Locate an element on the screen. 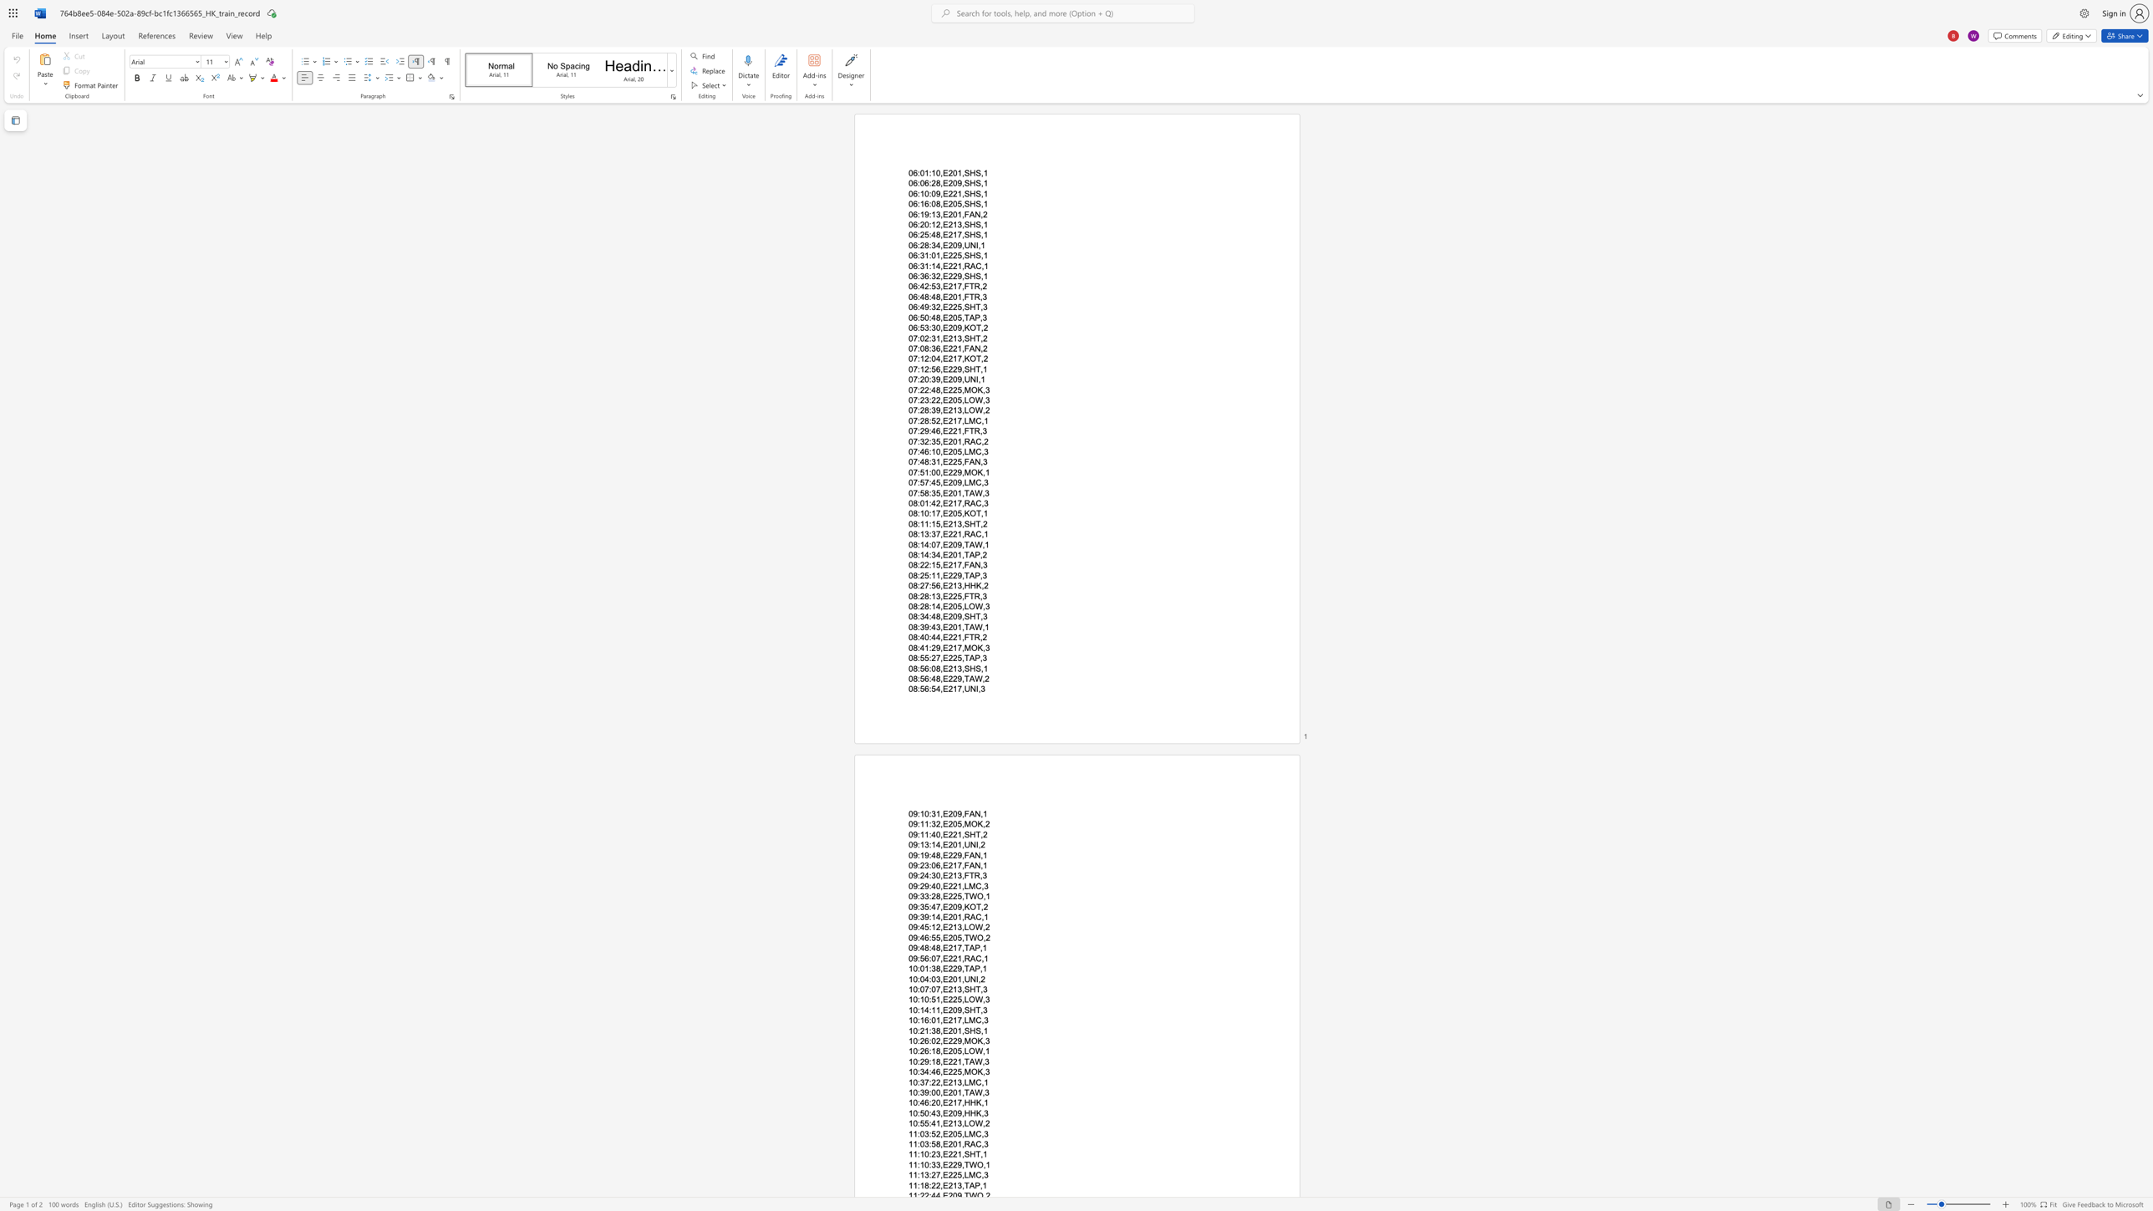 This screenshot has width=2153, height=1211. the space between the continuous character "R" and "," in the text is located at coordinates (979, 875).